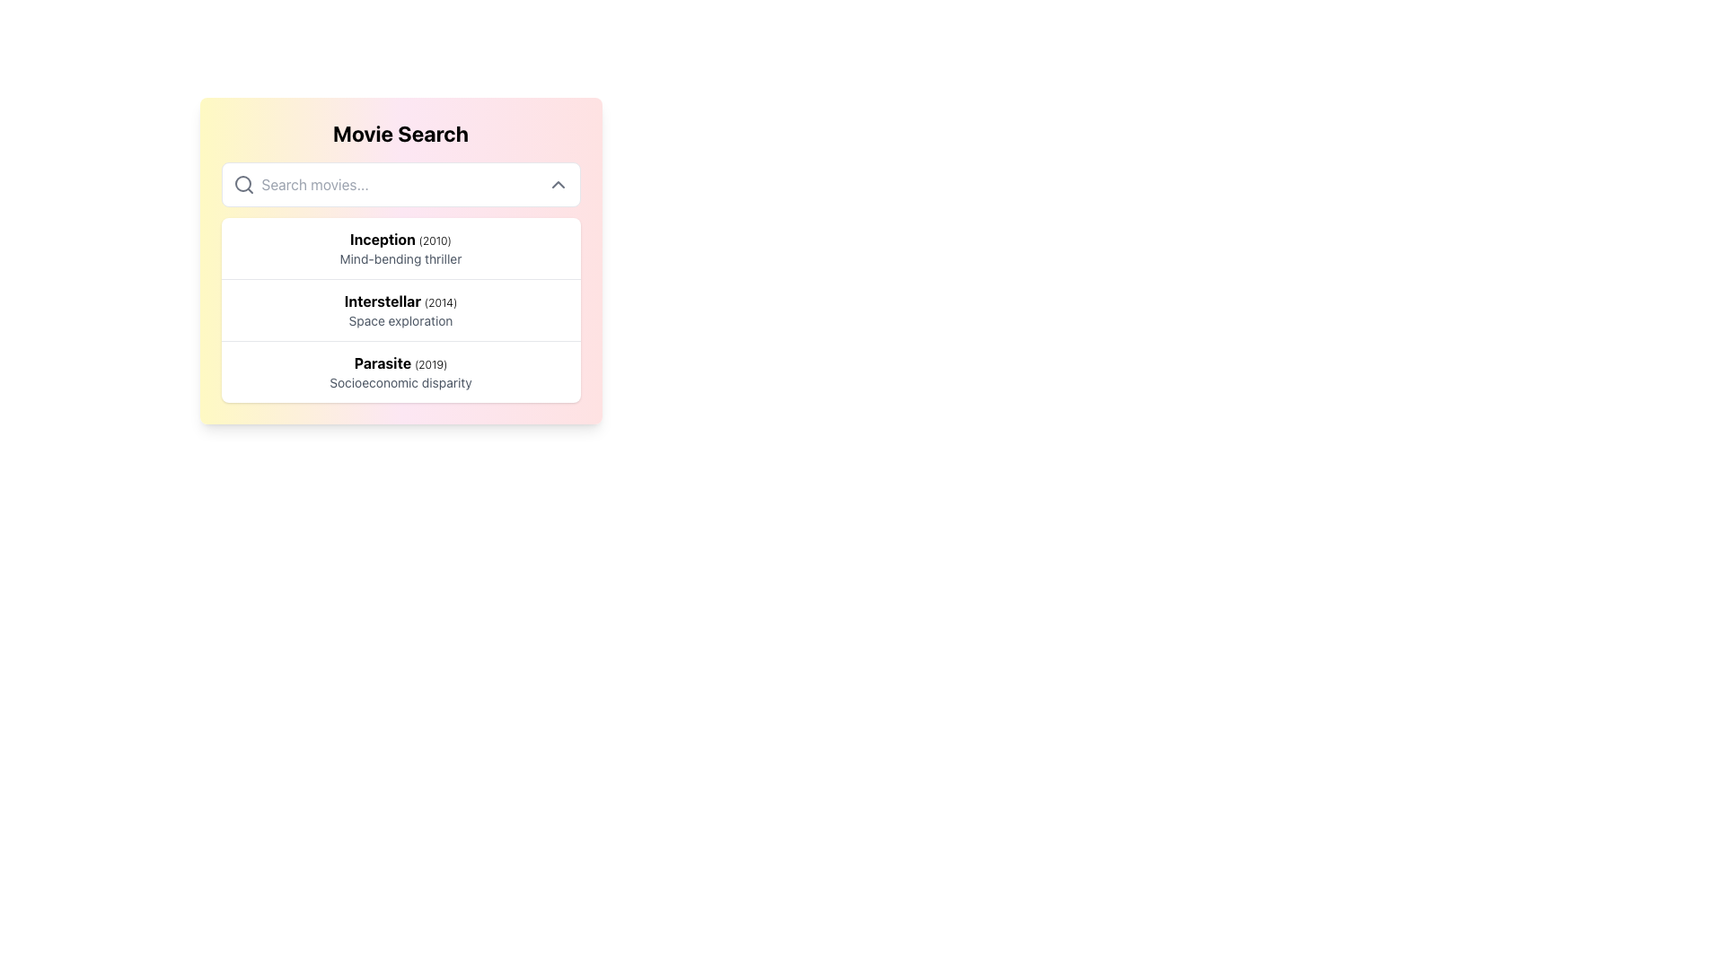  I want to click on the descriptive tagline or genre-related summary, so click(400, 259).